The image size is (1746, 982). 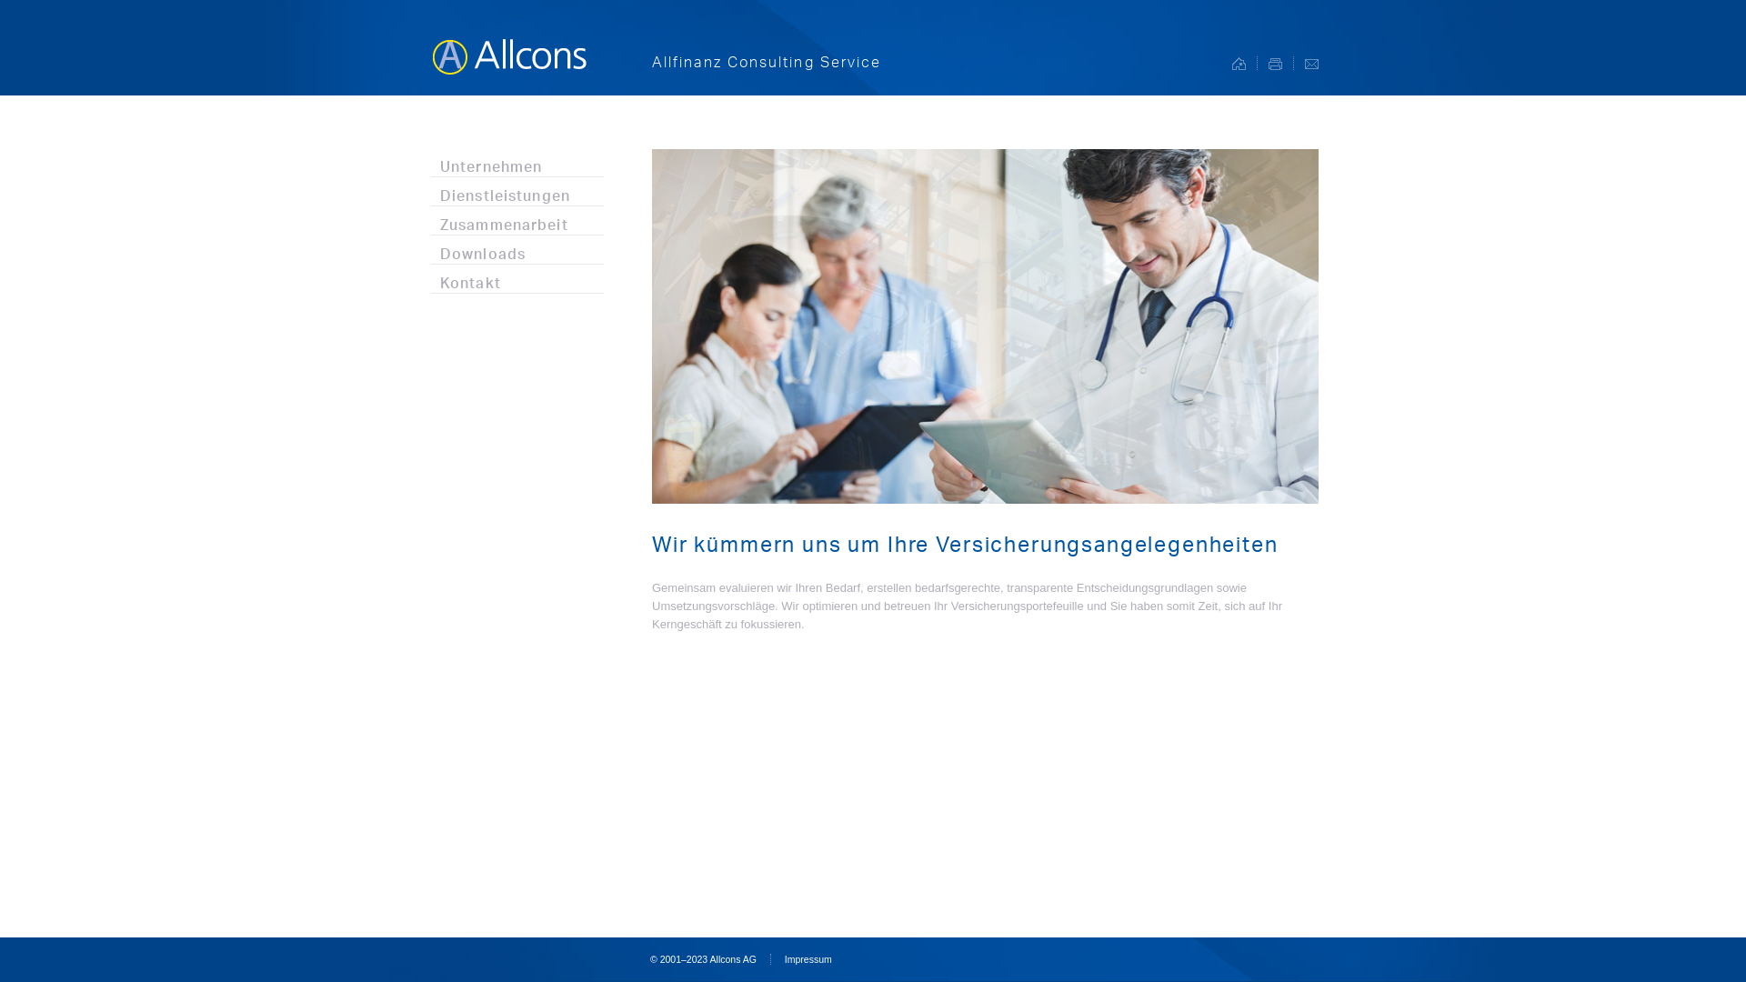 What do you see at coordinates (517, 278) in the screenshot?
I see `'Kontakt'` at bounding box center [517, 278].